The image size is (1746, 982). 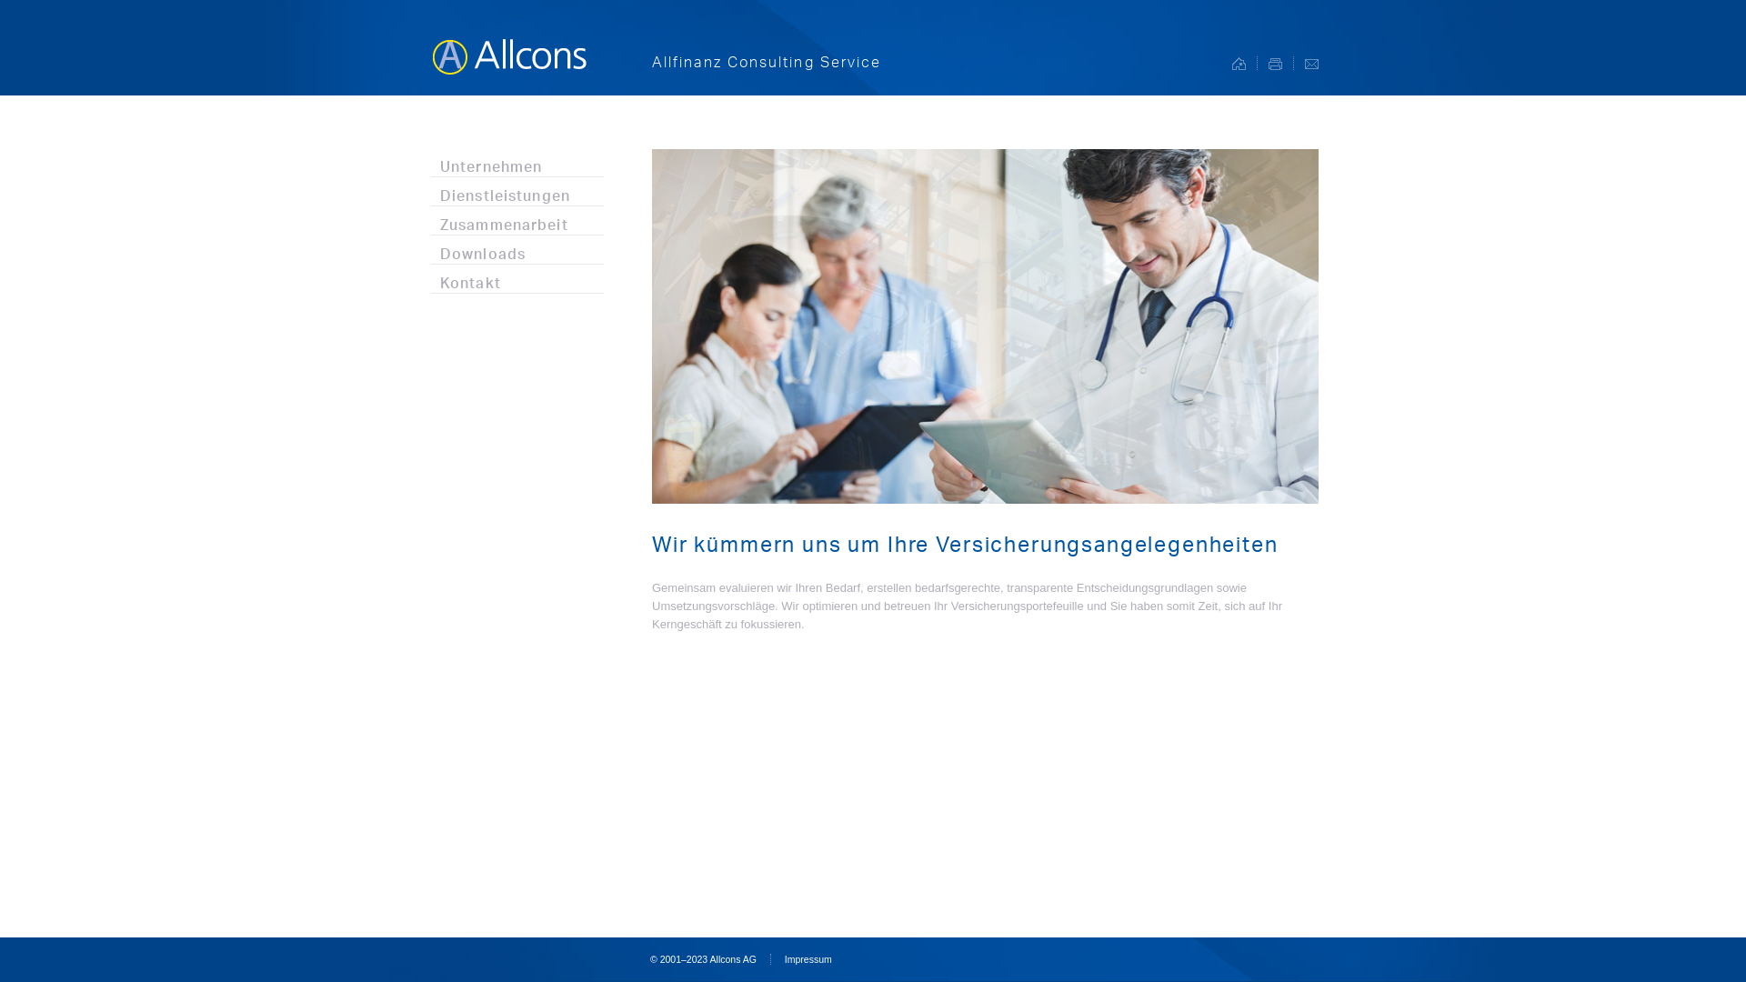 What do you see at coordinates (517, 278) in the screenshot?
I see `'Kontakt'` at bounding box center [517, 278].